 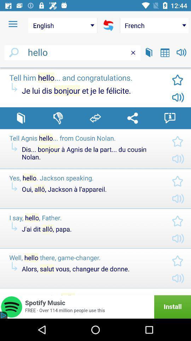 What do you see at coordinates (181, 52) in the screenshot?
I see `volume` at bounding box center [181, 52].